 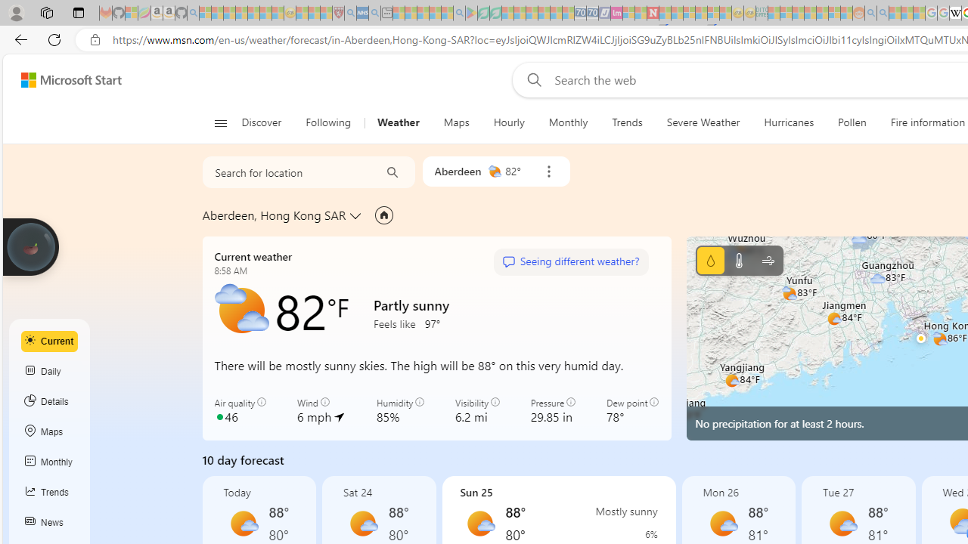 What do you see at coordinates (325, 13) in the screenshot?
I see `'Local - MSN - Sleeping'` at bounding box center [325, 13].